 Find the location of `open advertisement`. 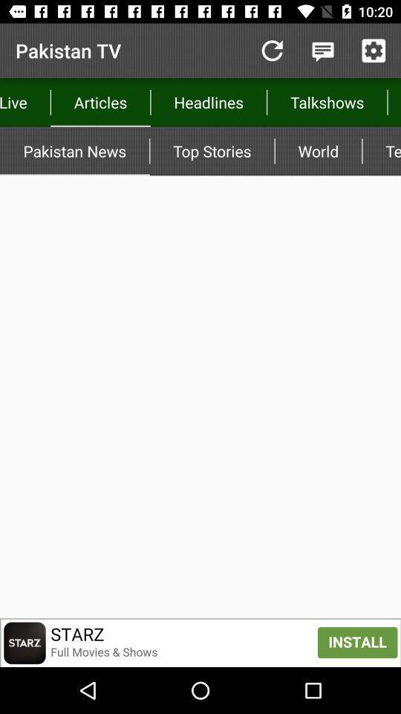

open advertisement is located at coordinates (200, 642).